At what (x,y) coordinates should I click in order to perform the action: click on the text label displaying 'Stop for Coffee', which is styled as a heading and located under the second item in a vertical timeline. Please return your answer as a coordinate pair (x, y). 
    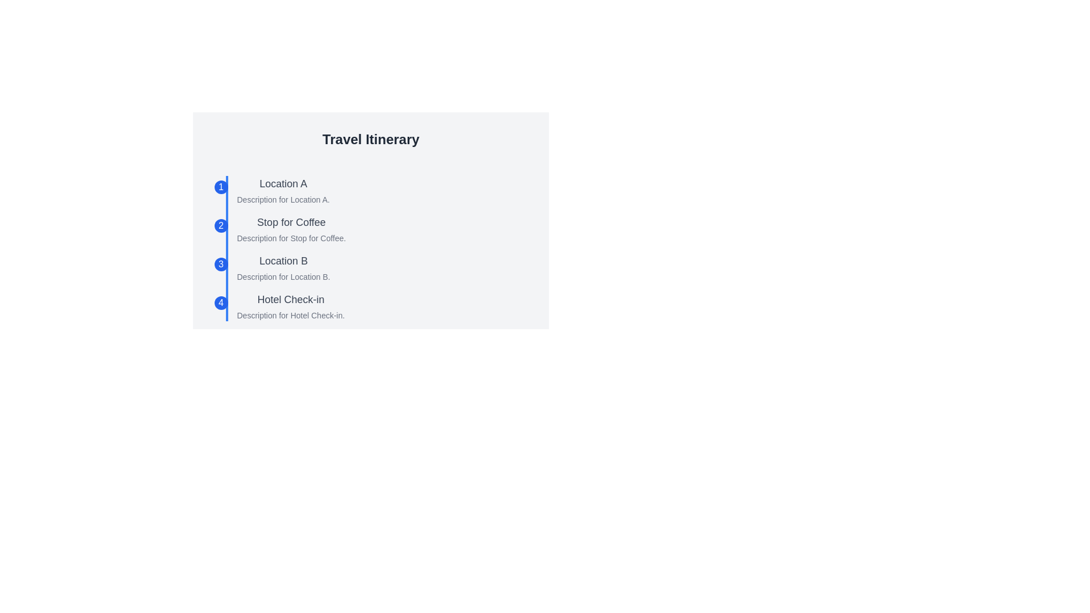
    Looking at the image, I should click on (291, 222).